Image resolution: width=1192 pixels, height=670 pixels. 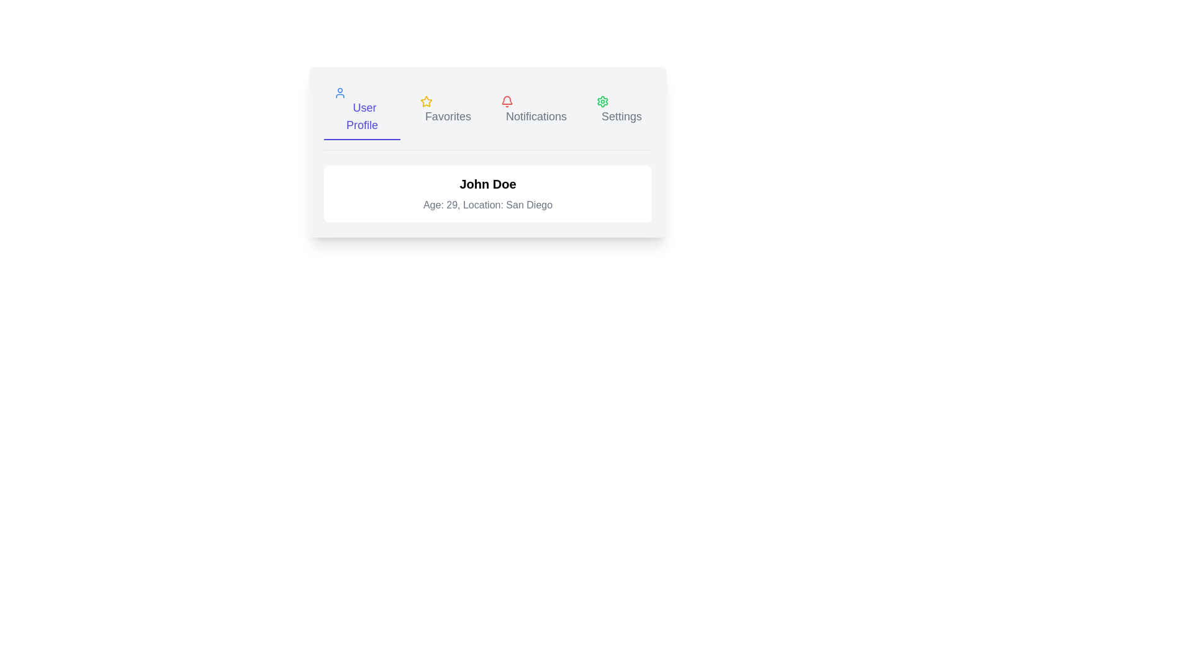 What do you see at coordinates (445, 110) in the screenshot?
I see `the 'Favorites' Button, which features a yellow star icon and gray text` at bounding box center [445, 110].